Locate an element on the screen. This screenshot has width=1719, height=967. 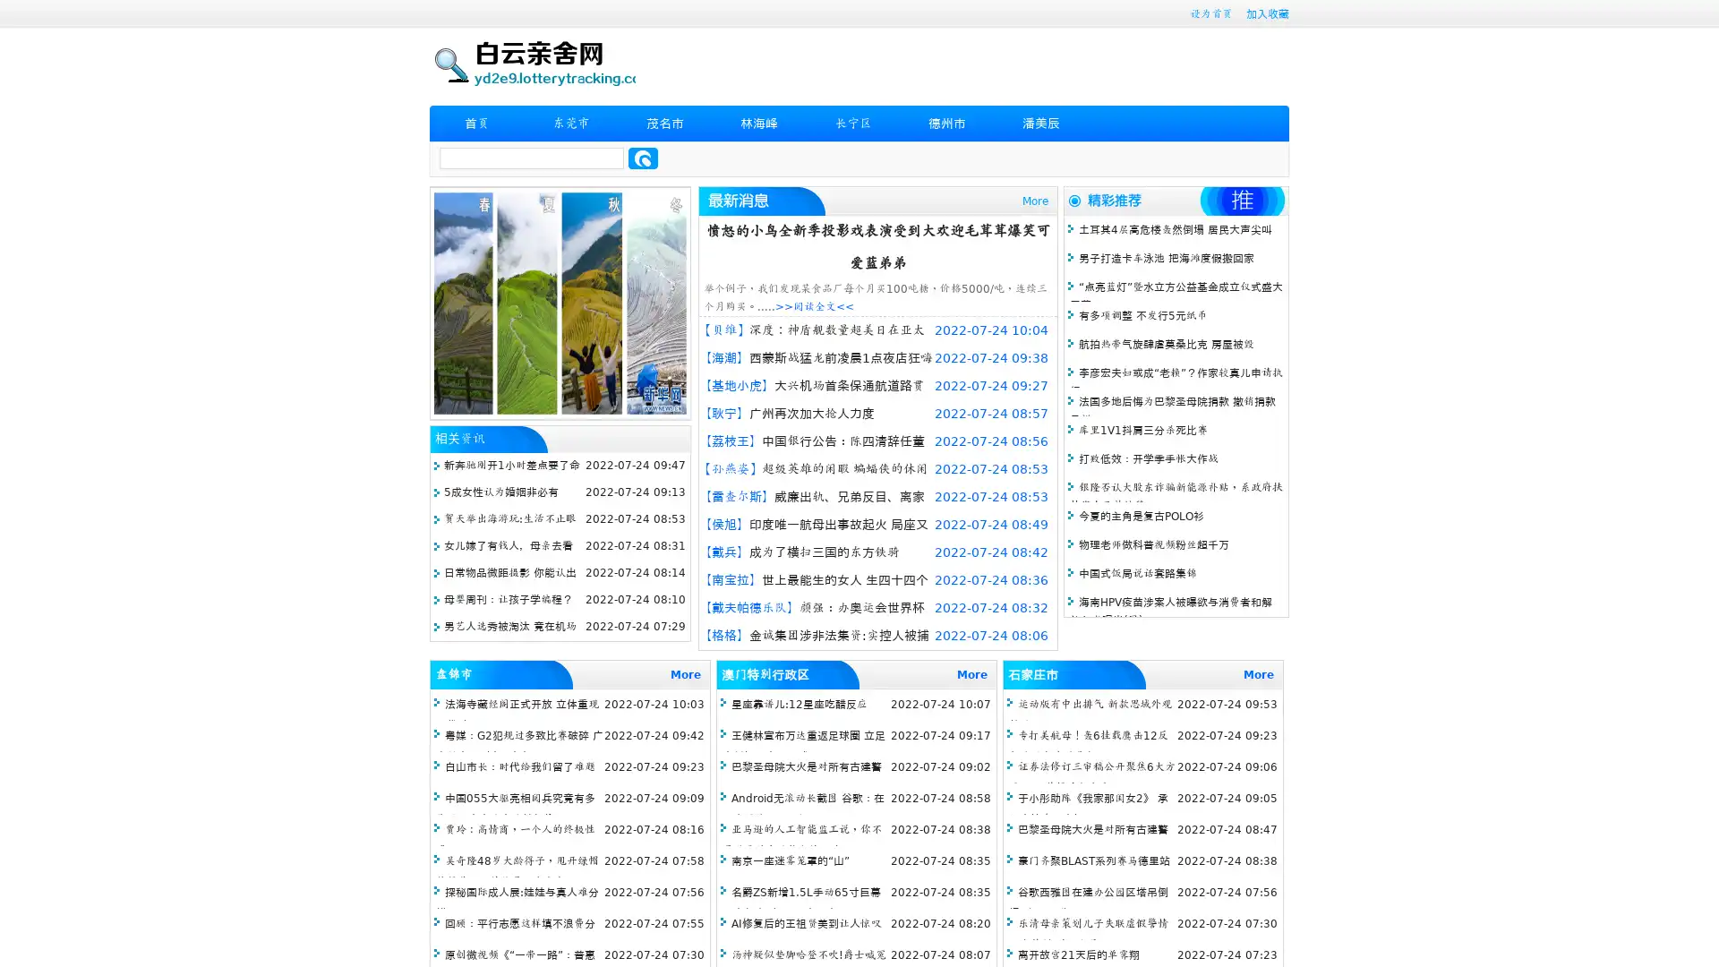
Search is located at coordinates (643, 158).